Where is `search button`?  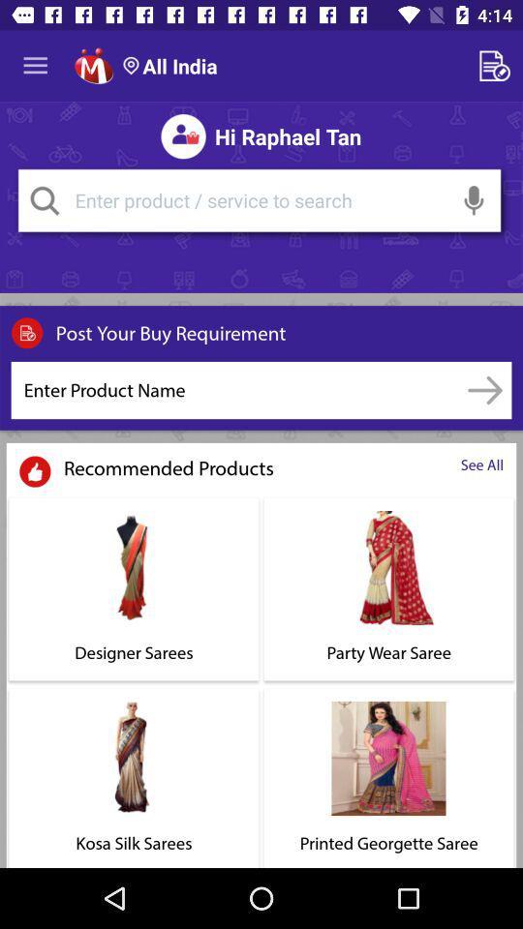 search button is located at coordinates (45, 200).